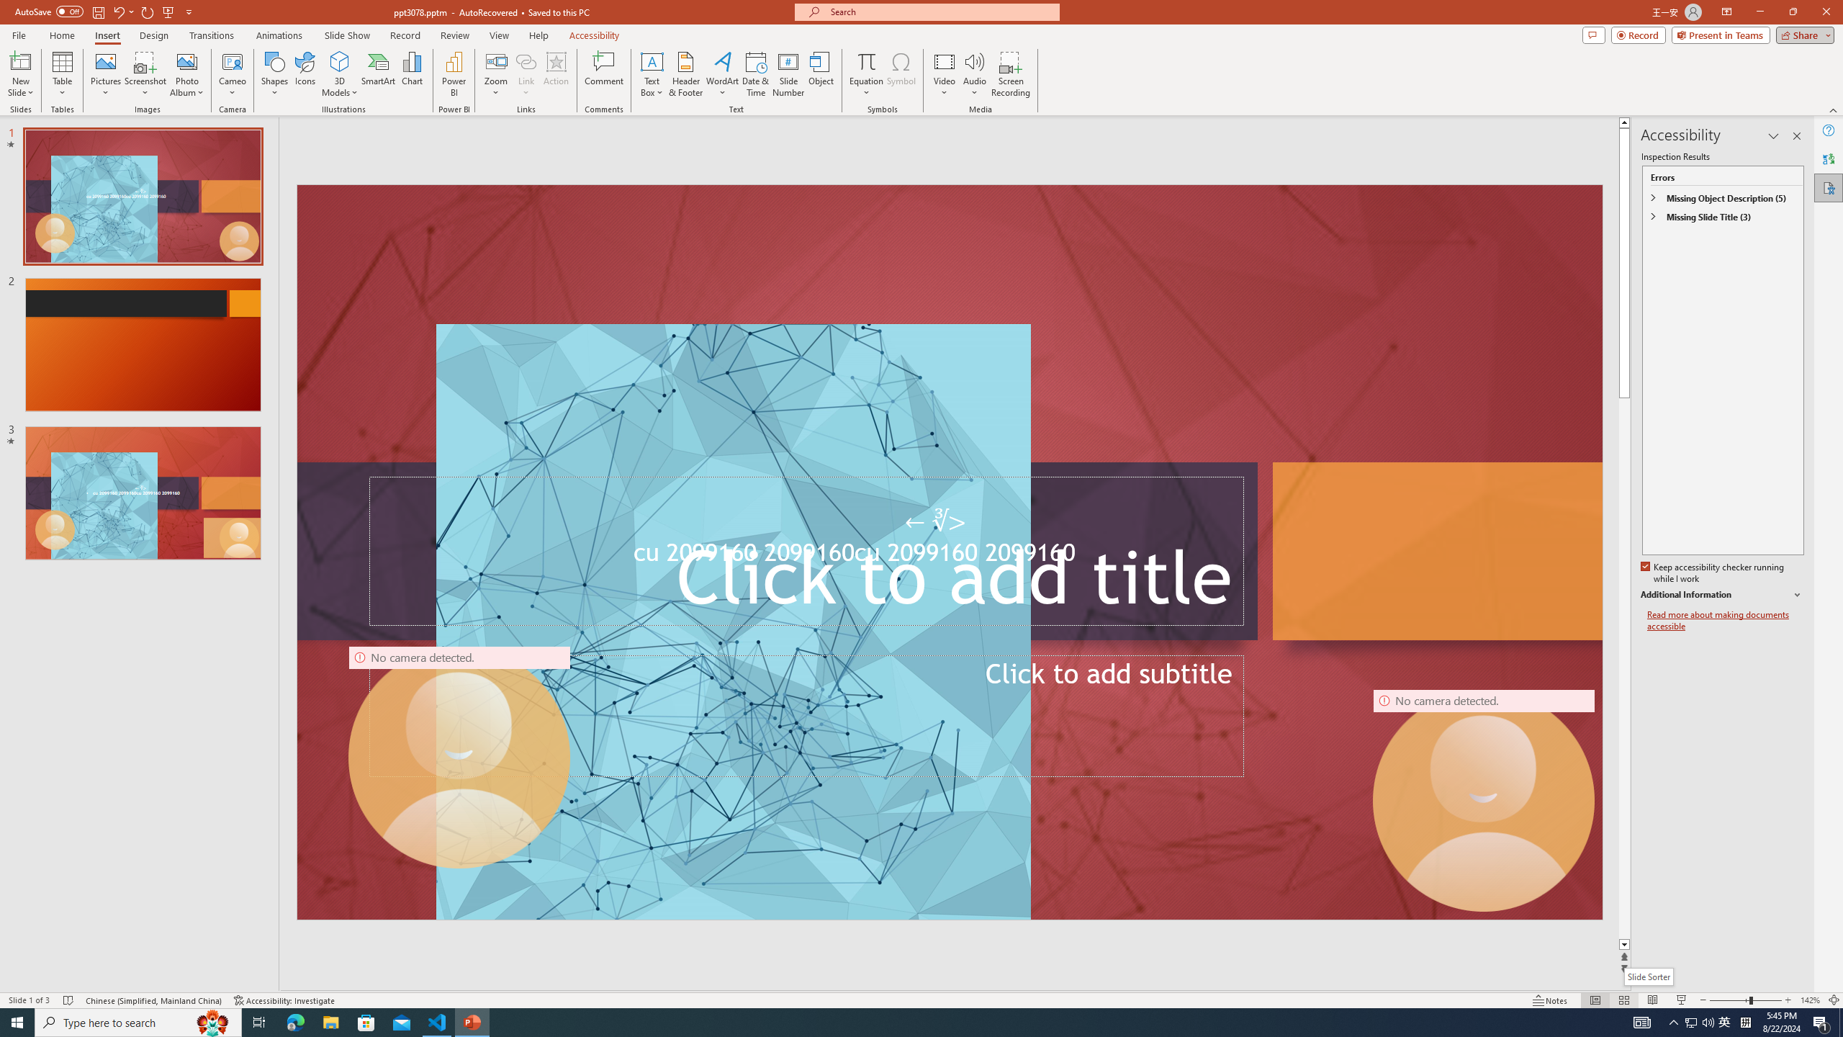 The image size is (1843, 1037). What do you see at coordinates (1722, 595) in the screenshot?
I see `'Additional Information'` at bounding box center [1722, 595].